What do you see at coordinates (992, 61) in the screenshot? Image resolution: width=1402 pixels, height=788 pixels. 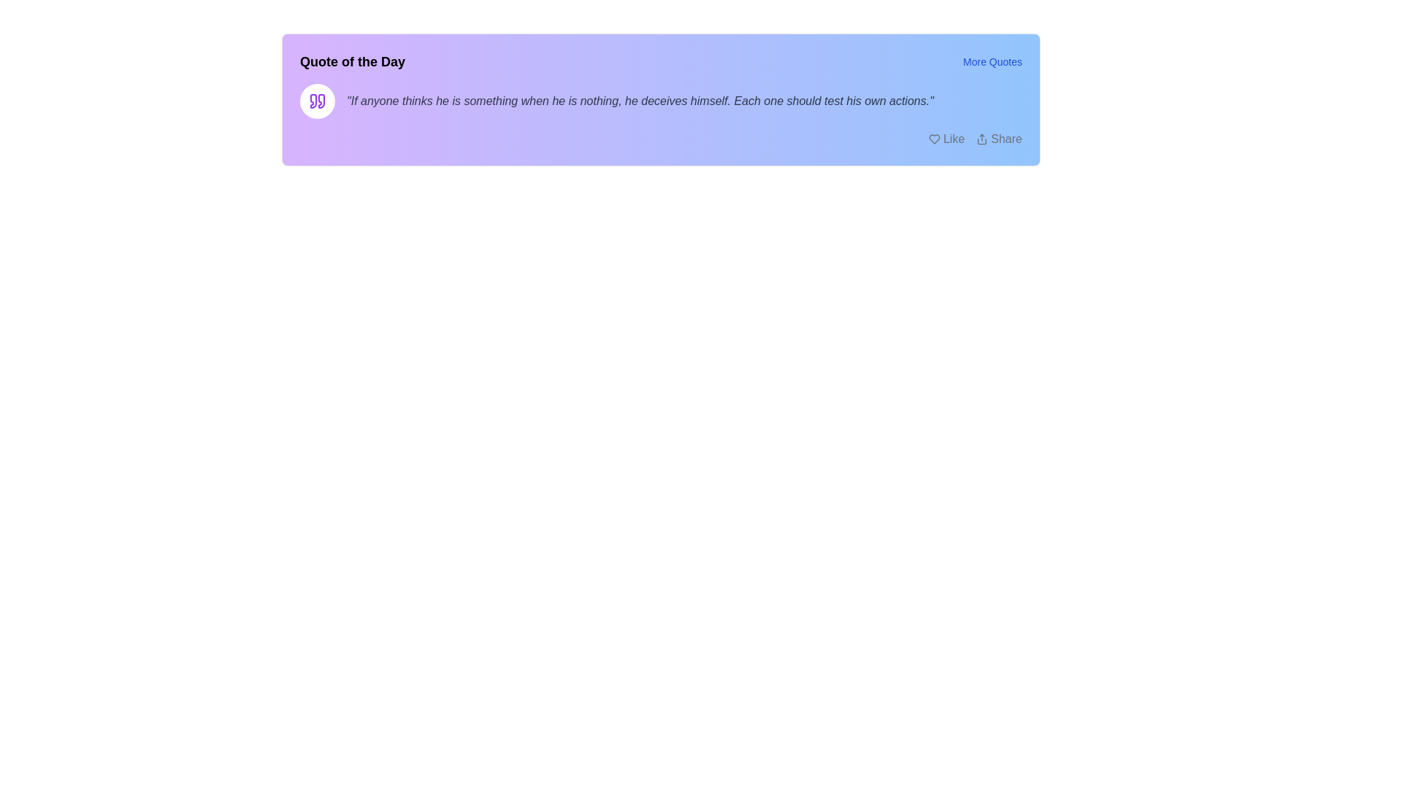 I see `the 'More Quotes' hyperlink` at bounding box center [992, 61].